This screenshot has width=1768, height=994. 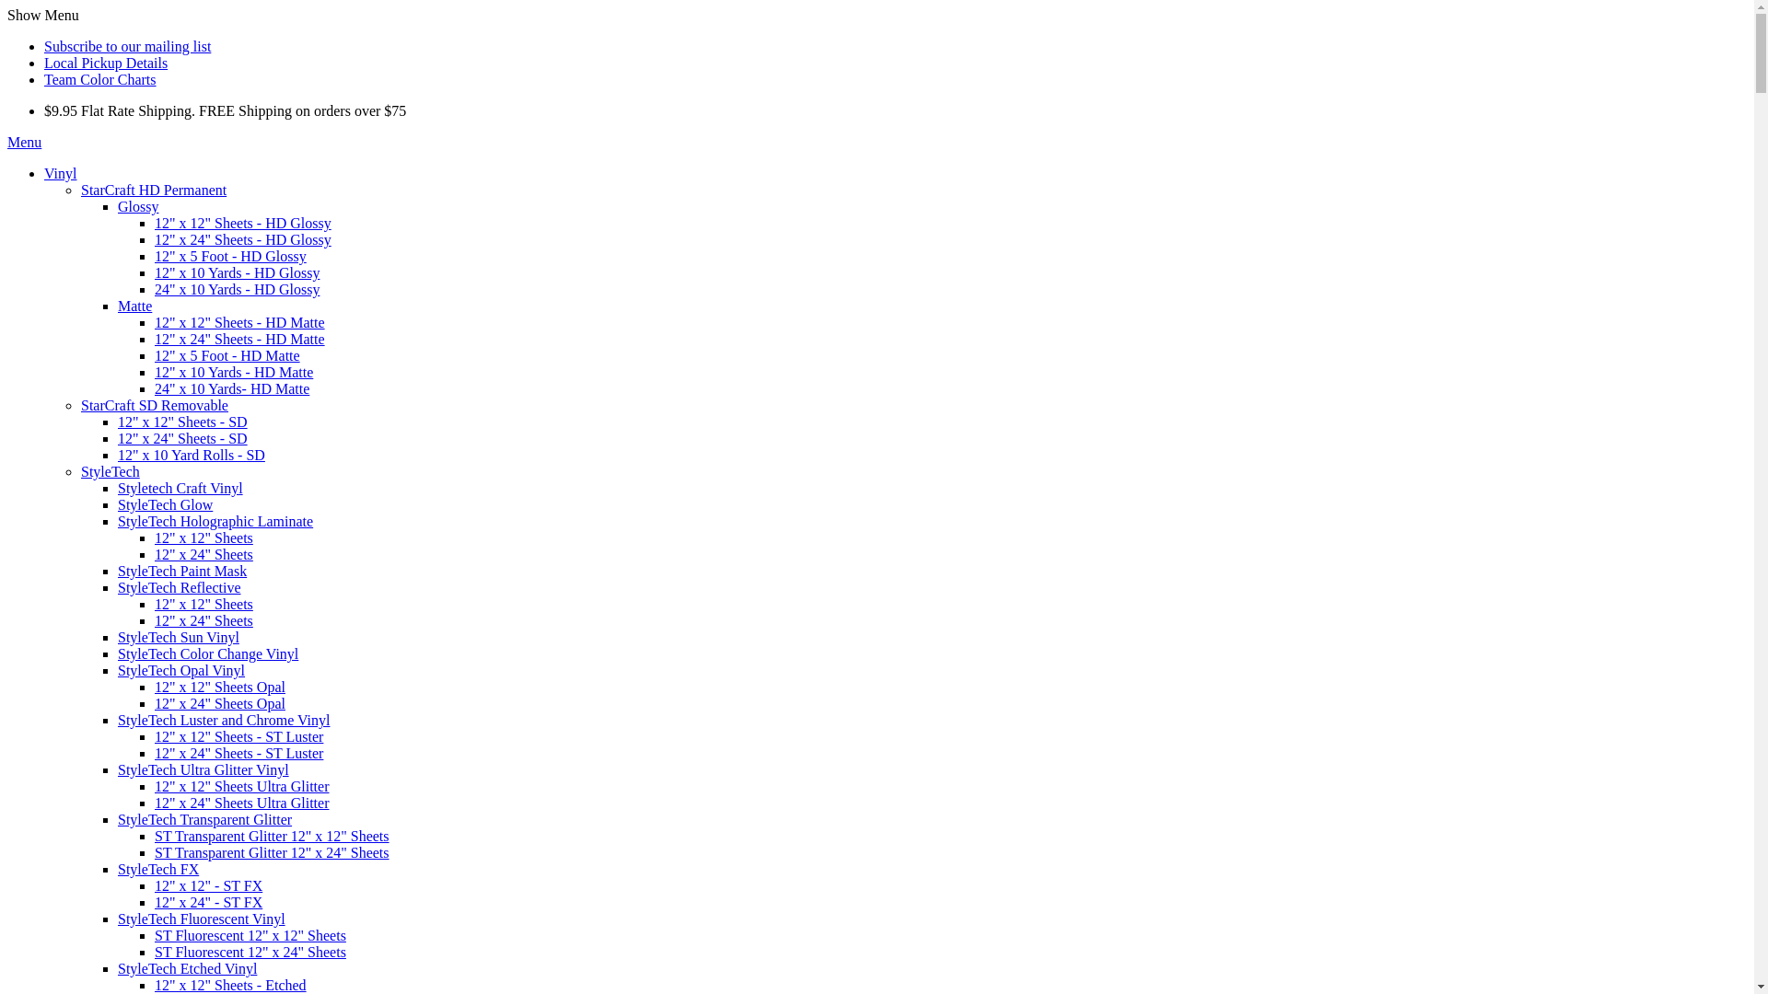 What do you see at coordinates (207, 653) in the screenshot?
I see `'StyleTech Color Change Vinyl'` at bounding box center [207, 653].